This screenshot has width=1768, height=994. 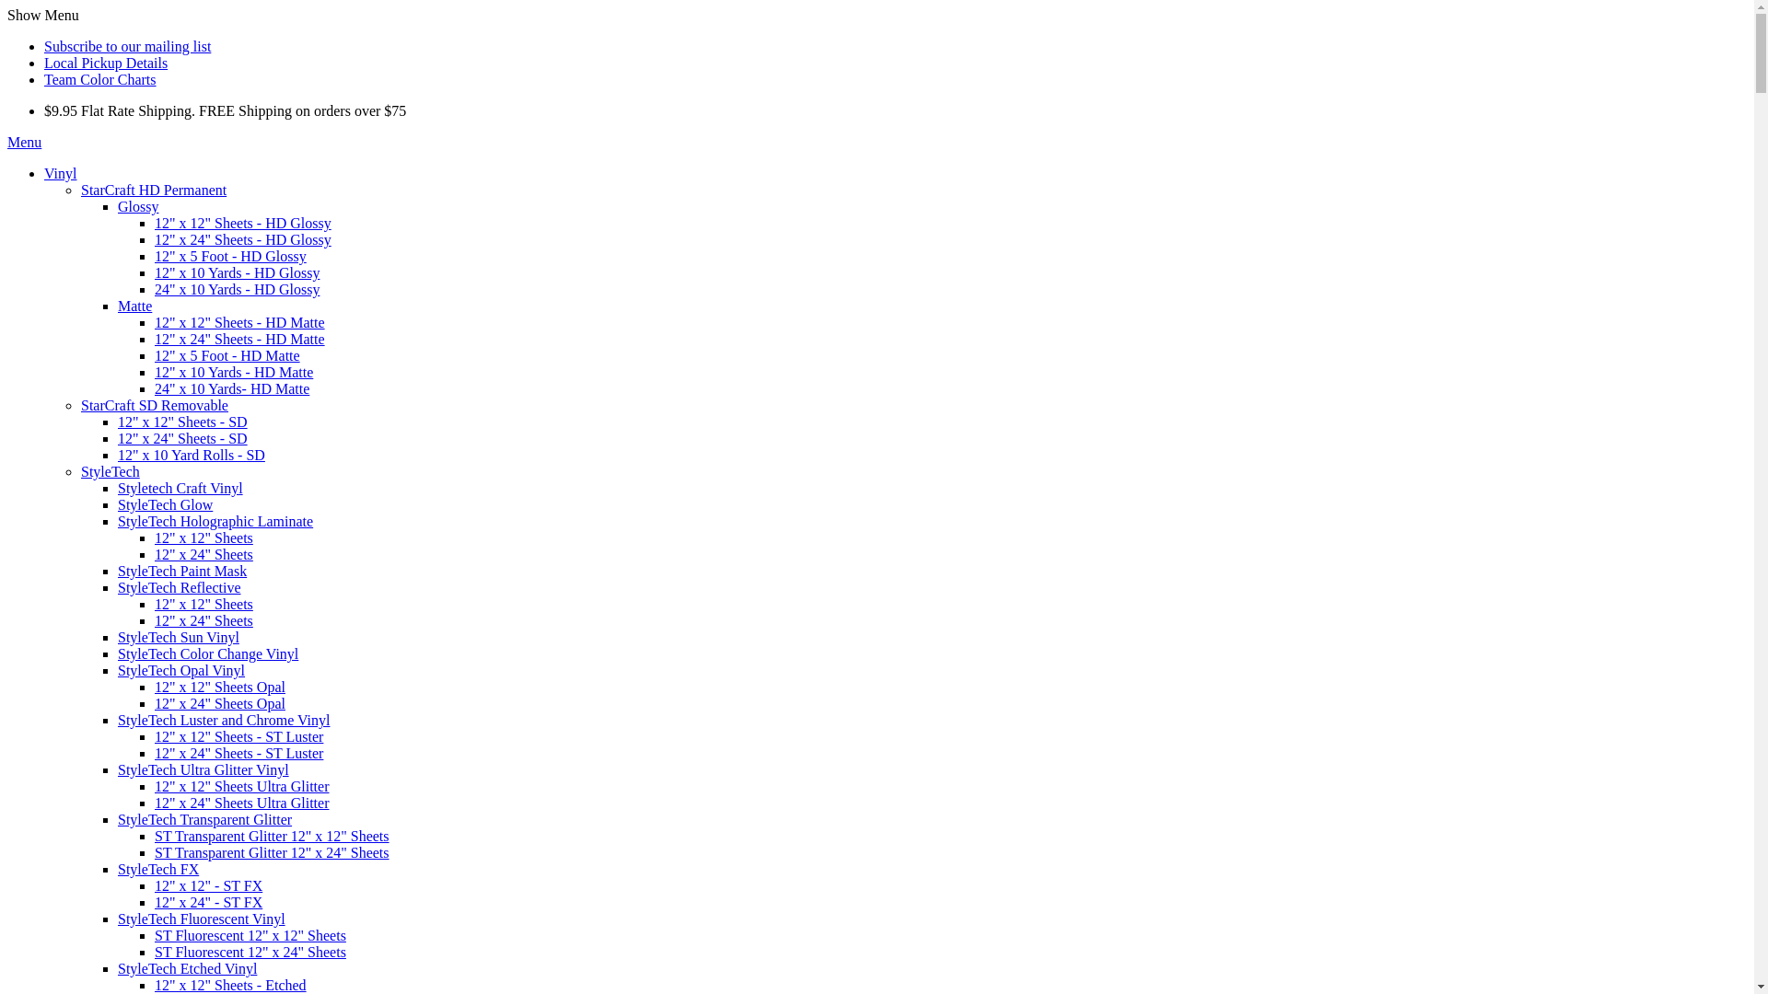 What do you see at coordinates (207, 653) in the screenshot?
I see `'StyleTech Color Change Vinyl'` at bounding box center [207, 653].